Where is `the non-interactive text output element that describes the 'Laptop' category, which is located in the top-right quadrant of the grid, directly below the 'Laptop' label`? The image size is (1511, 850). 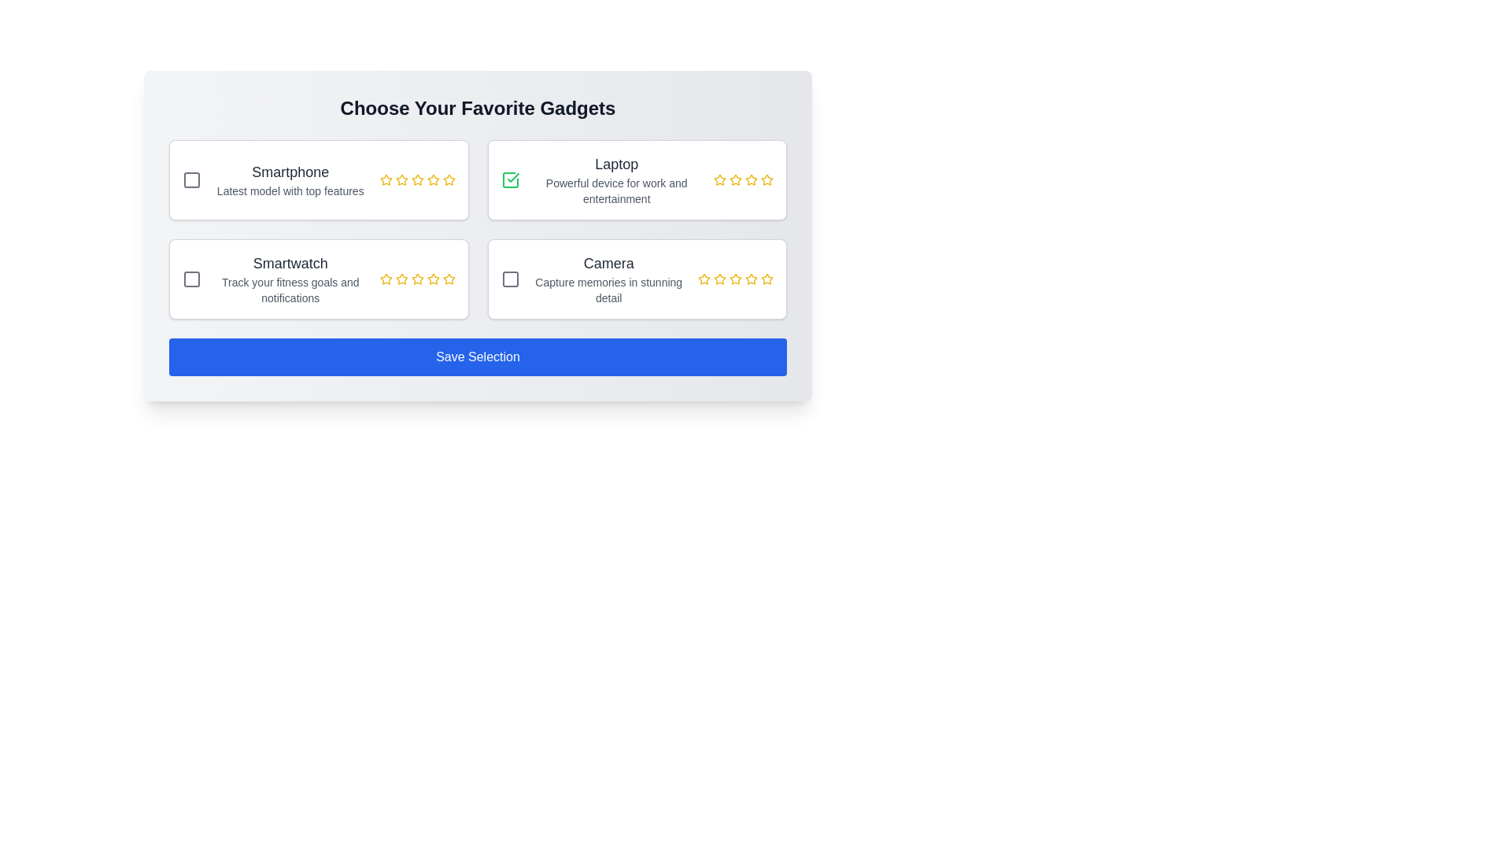
the non-interactive text output element that describes the 'Laptop' category, which is located in the top-right quadrant of the grid, directly below the 'Laptop' label is located at coordinates (615, 190).